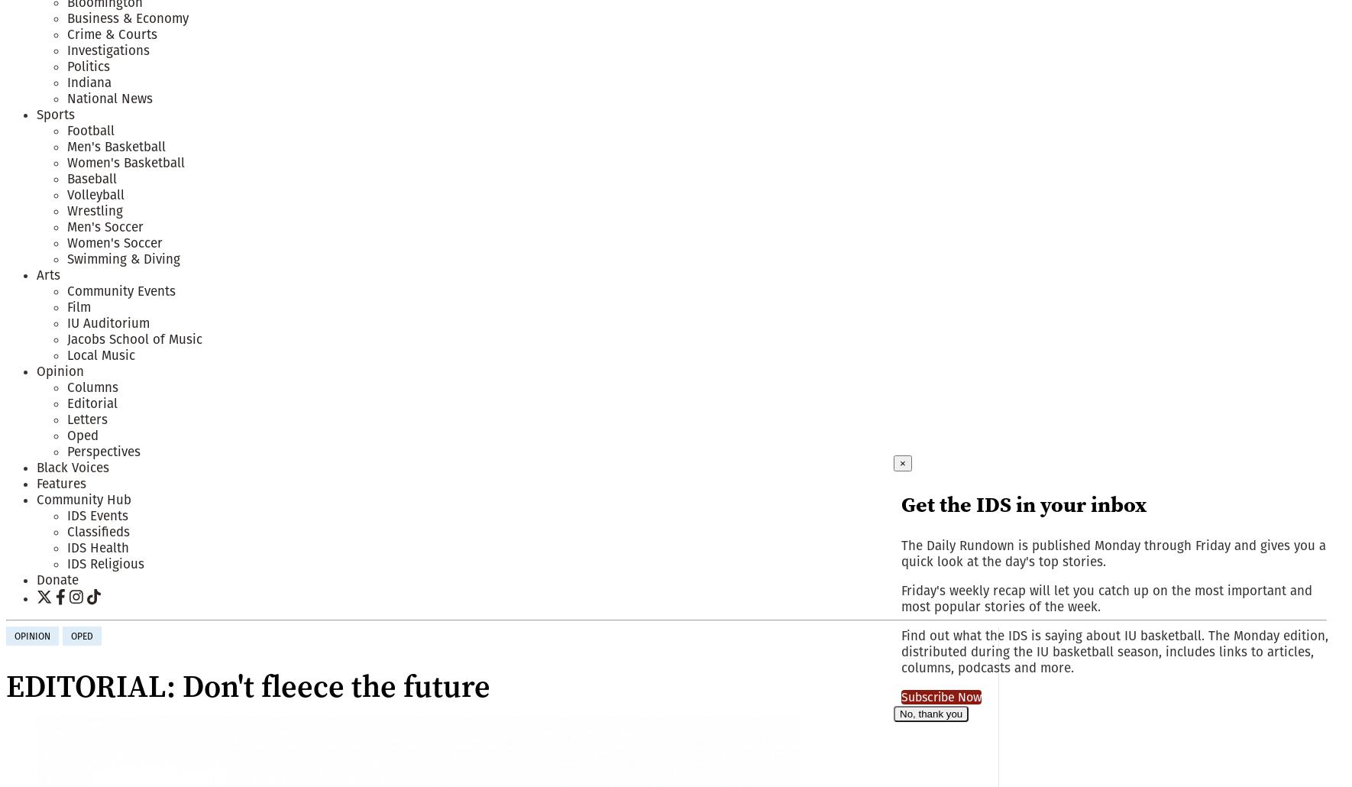 The width and height of the screenshot is (1352, 787). I want to click on 'Men's Soccer', so click(105, 225).